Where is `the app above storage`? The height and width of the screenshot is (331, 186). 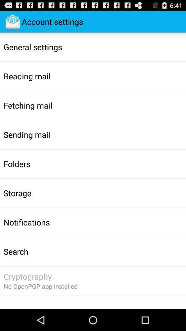
the app above storage is located at coordinates (17, 164).